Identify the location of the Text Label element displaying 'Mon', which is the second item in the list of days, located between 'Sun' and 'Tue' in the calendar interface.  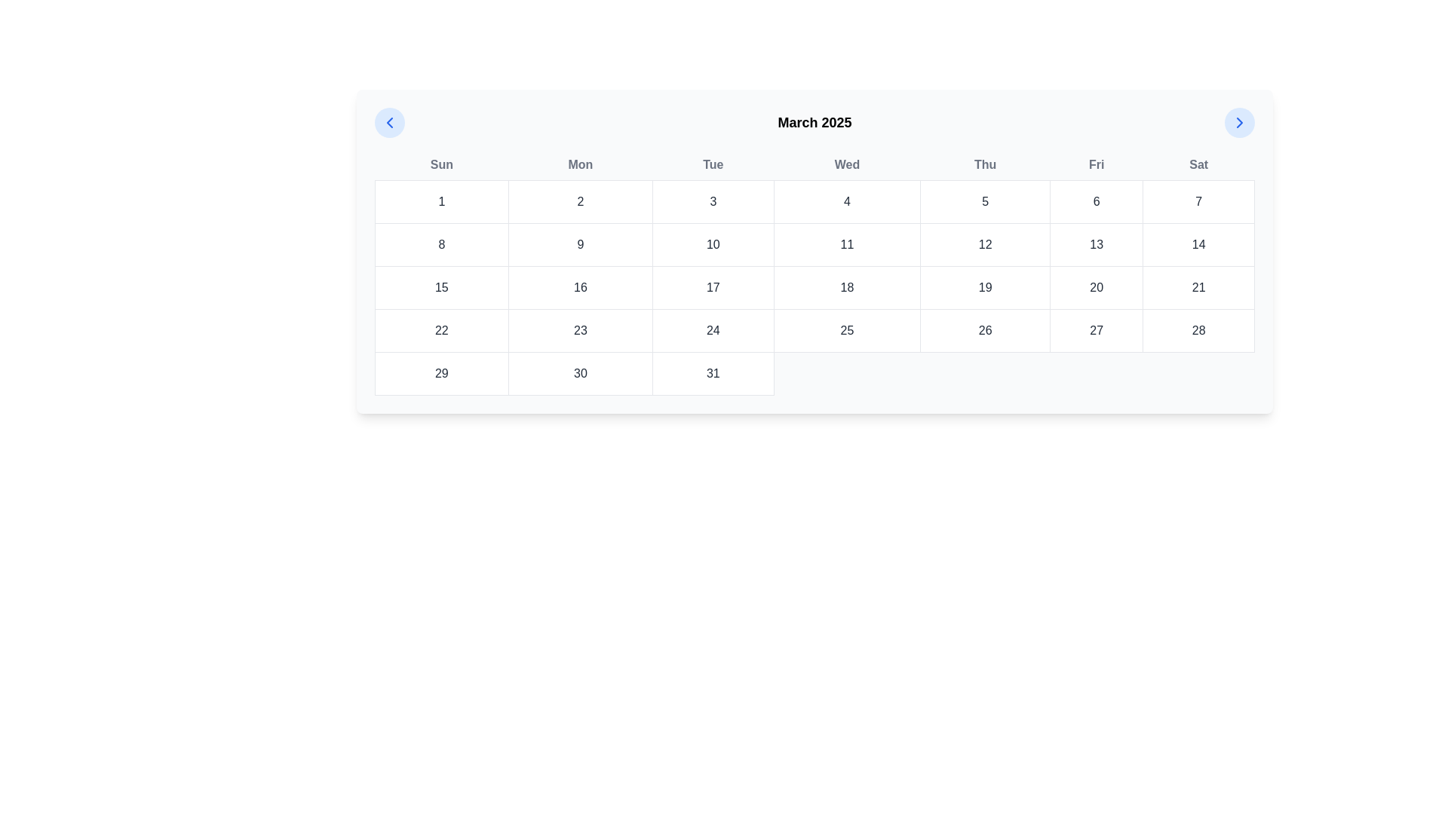
(579, 165).